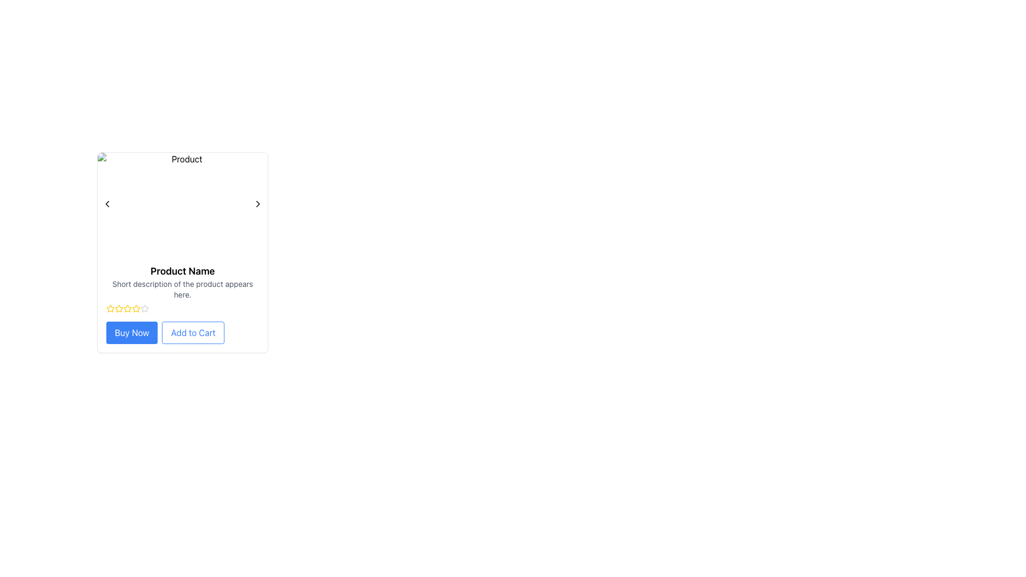 This screenshot has height=577, width=1026. I want to click on the third star-shaped icon filled with yellow color and outlined with a black border in the rating system, located underneath the product description section, so click(135, 308).